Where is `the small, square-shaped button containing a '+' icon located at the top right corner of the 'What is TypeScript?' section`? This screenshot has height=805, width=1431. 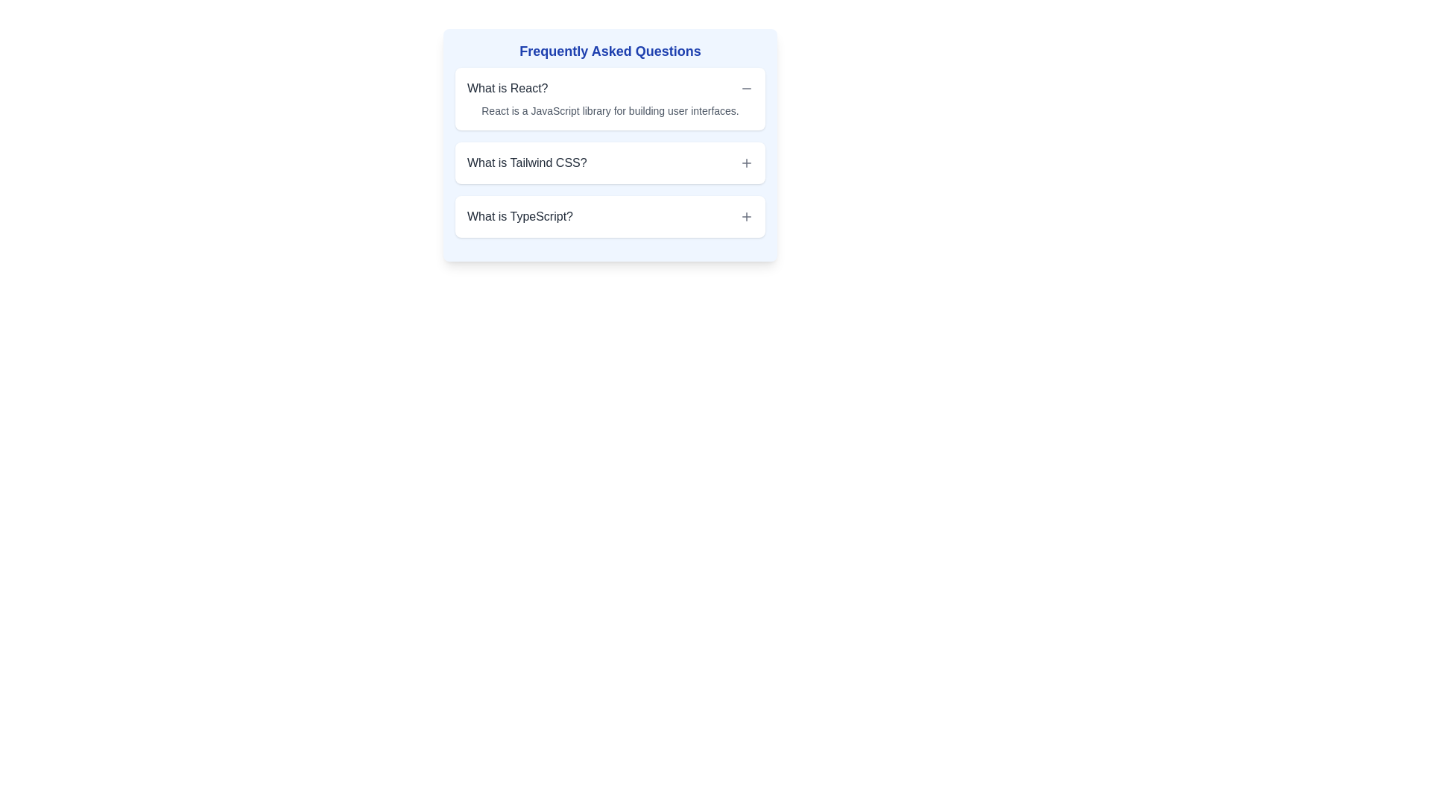
the small, square-shaped button containing a '+' icon located at the top right corner of the 'What is TypeScript?' section is located at coordinates (747, 216).